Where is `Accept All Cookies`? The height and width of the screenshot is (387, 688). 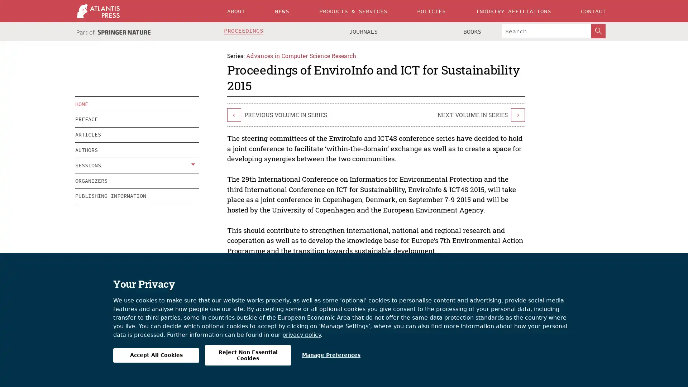 Accept All Cookies is located at coordinates (156, 355).